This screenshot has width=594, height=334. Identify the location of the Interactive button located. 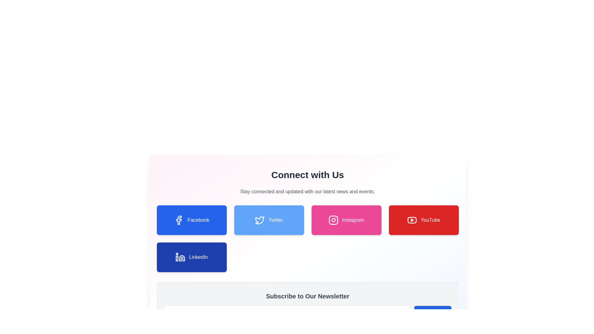
(191, 257).